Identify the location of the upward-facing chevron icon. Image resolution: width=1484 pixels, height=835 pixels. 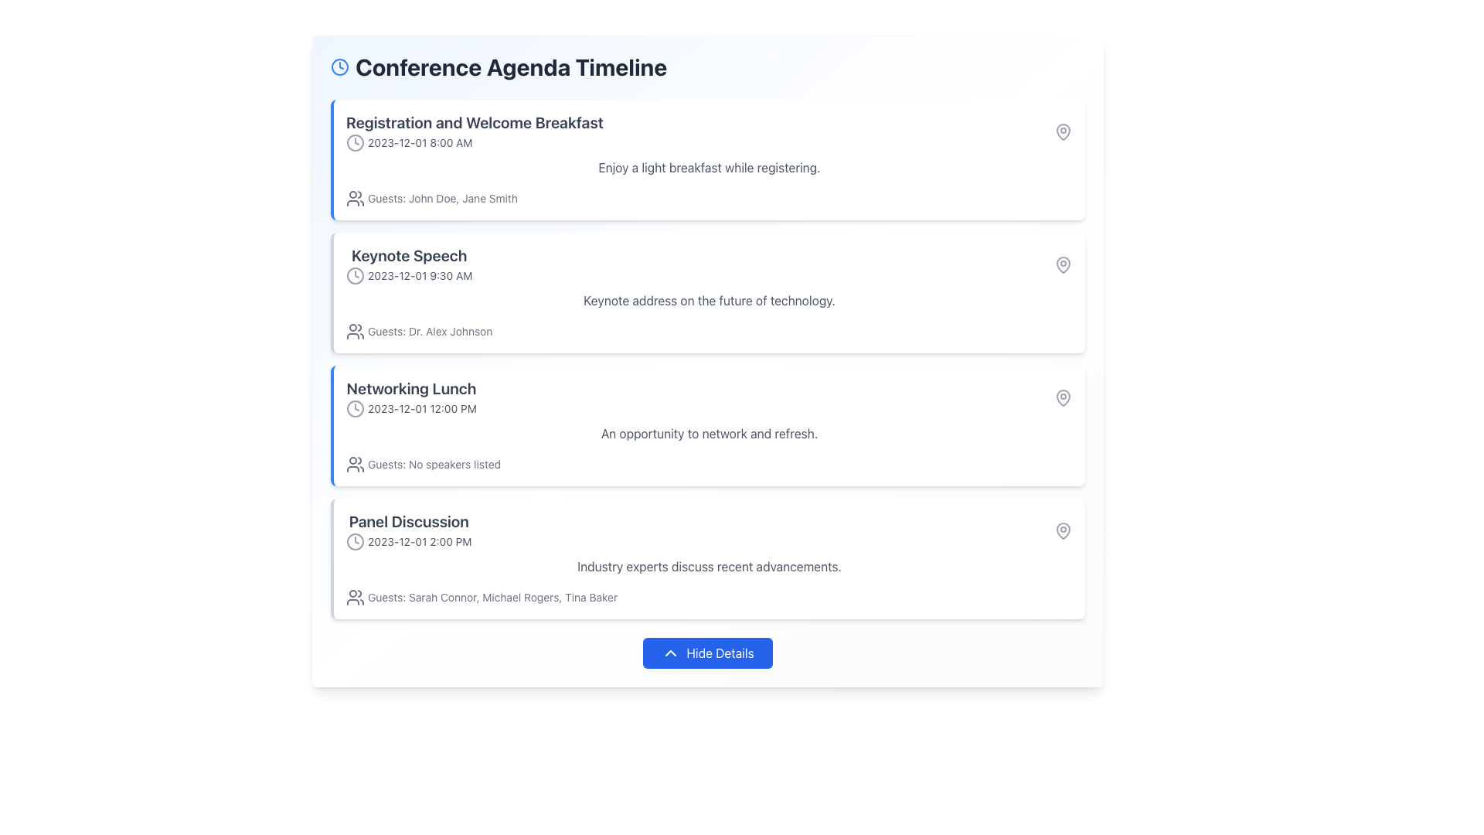
(671, 653).